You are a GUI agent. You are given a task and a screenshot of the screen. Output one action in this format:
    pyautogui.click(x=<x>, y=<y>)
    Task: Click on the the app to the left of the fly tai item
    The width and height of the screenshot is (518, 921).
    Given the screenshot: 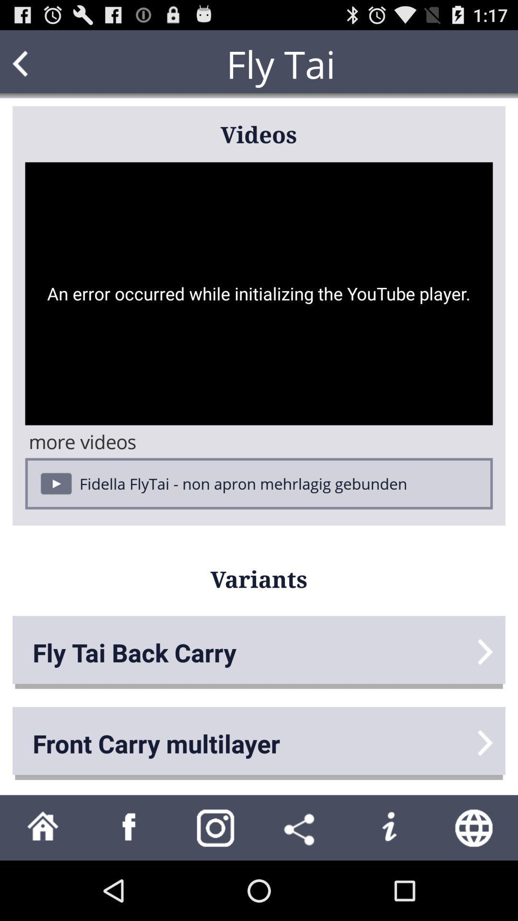 What is the action you would take?
    pyautogui.click(x=38, y=63)
    